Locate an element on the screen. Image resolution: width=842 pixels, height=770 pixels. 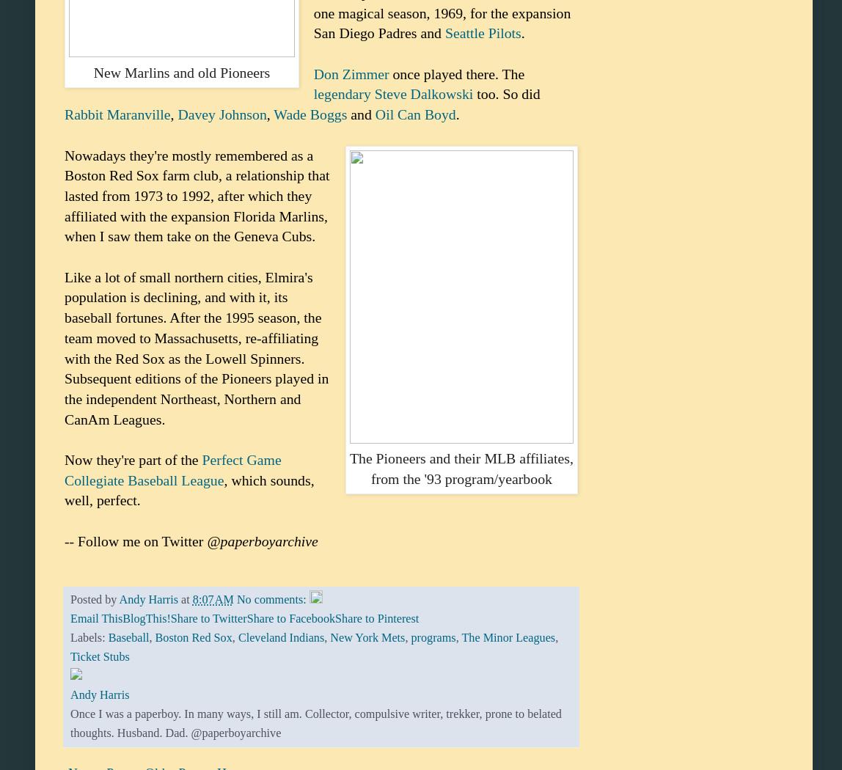
'from the '93 program/yearbook' is located at coordinates (460, 477).